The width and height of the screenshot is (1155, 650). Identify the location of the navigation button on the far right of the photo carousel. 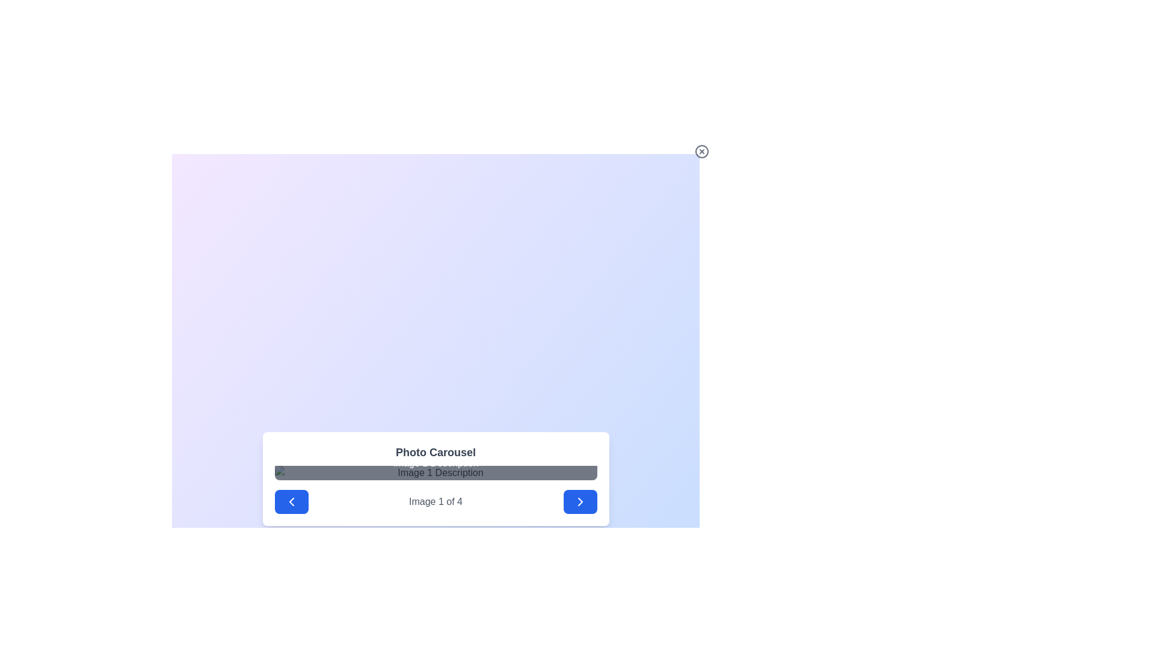
(580, 501).